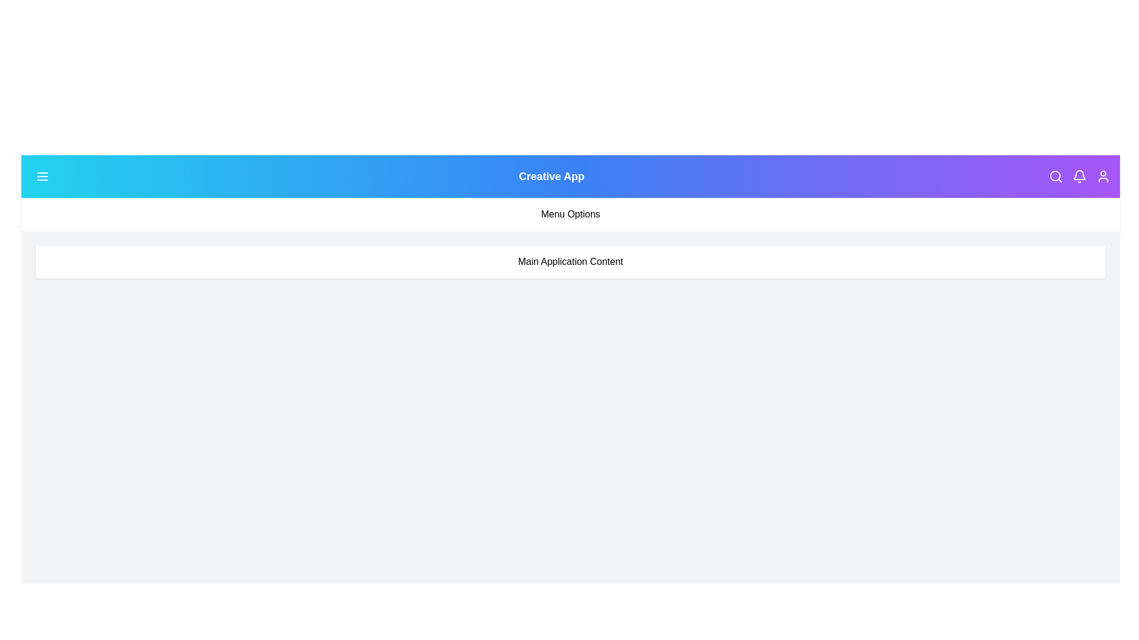 The image size is (1139, 640). What do you see at coordinates (1056, 176) in the screenshot?
I see `the search icon in the app bar` at bounding box center [1056, 176].